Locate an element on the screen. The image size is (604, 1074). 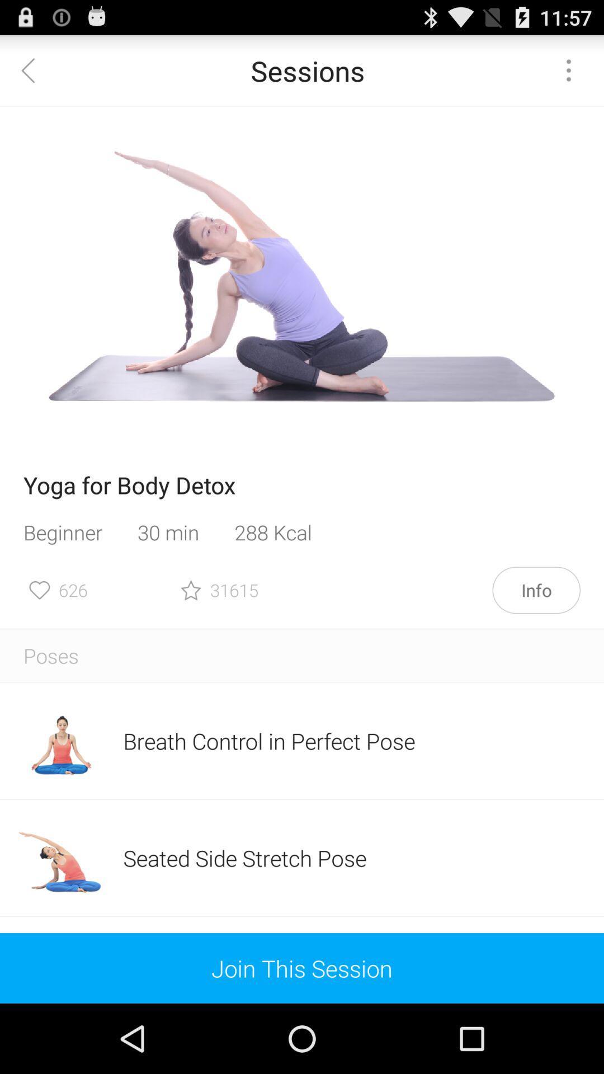
the arrow_backward icon is located at coordinates (34, 74).